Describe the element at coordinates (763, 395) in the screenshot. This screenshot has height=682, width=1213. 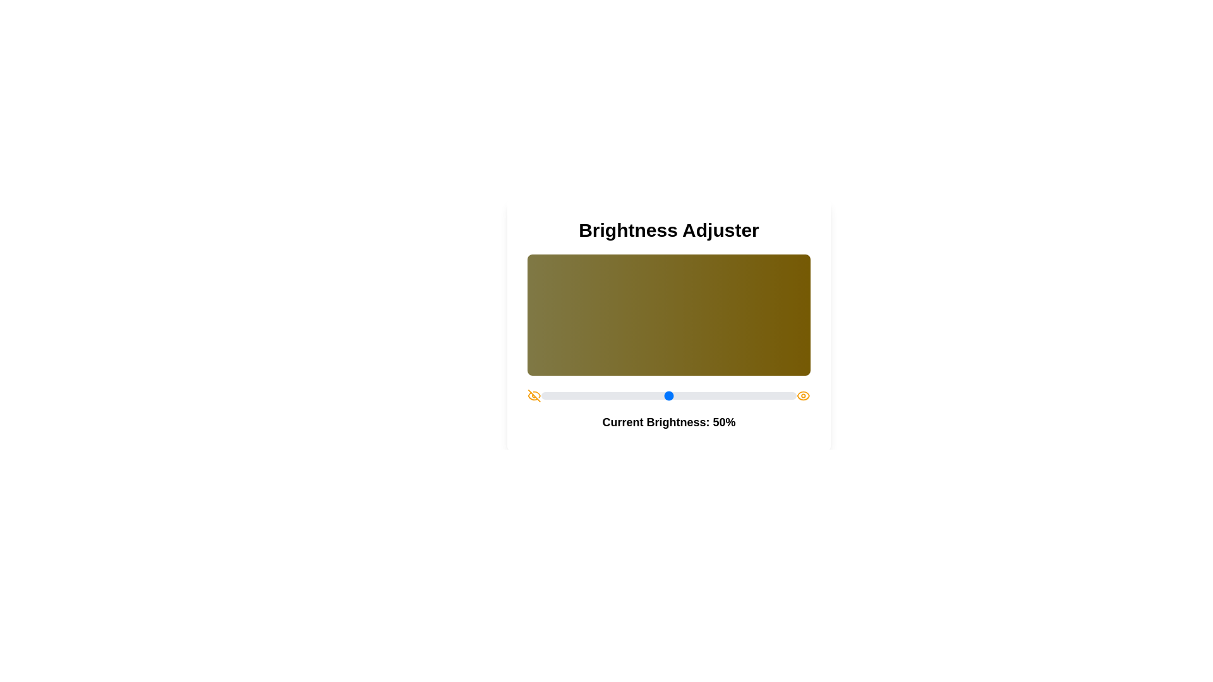
I see `the brightness slider to 87%` at that location.